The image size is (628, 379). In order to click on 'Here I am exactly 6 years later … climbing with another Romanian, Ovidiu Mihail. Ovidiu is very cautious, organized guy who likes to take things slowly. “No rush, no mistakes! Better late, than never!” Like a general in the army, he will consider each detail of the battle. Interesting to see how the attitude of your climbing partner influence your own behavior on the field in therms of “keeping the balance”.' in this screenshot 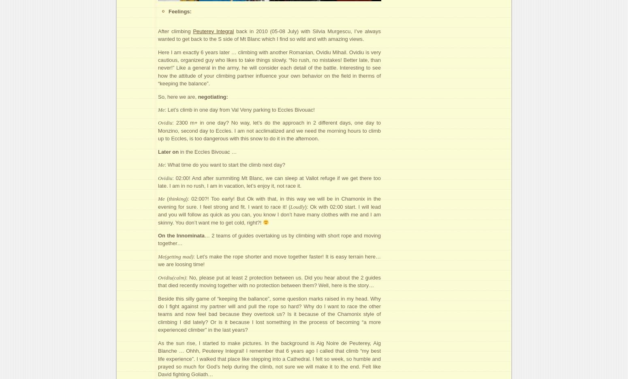, I will do `click(158, 67)`.